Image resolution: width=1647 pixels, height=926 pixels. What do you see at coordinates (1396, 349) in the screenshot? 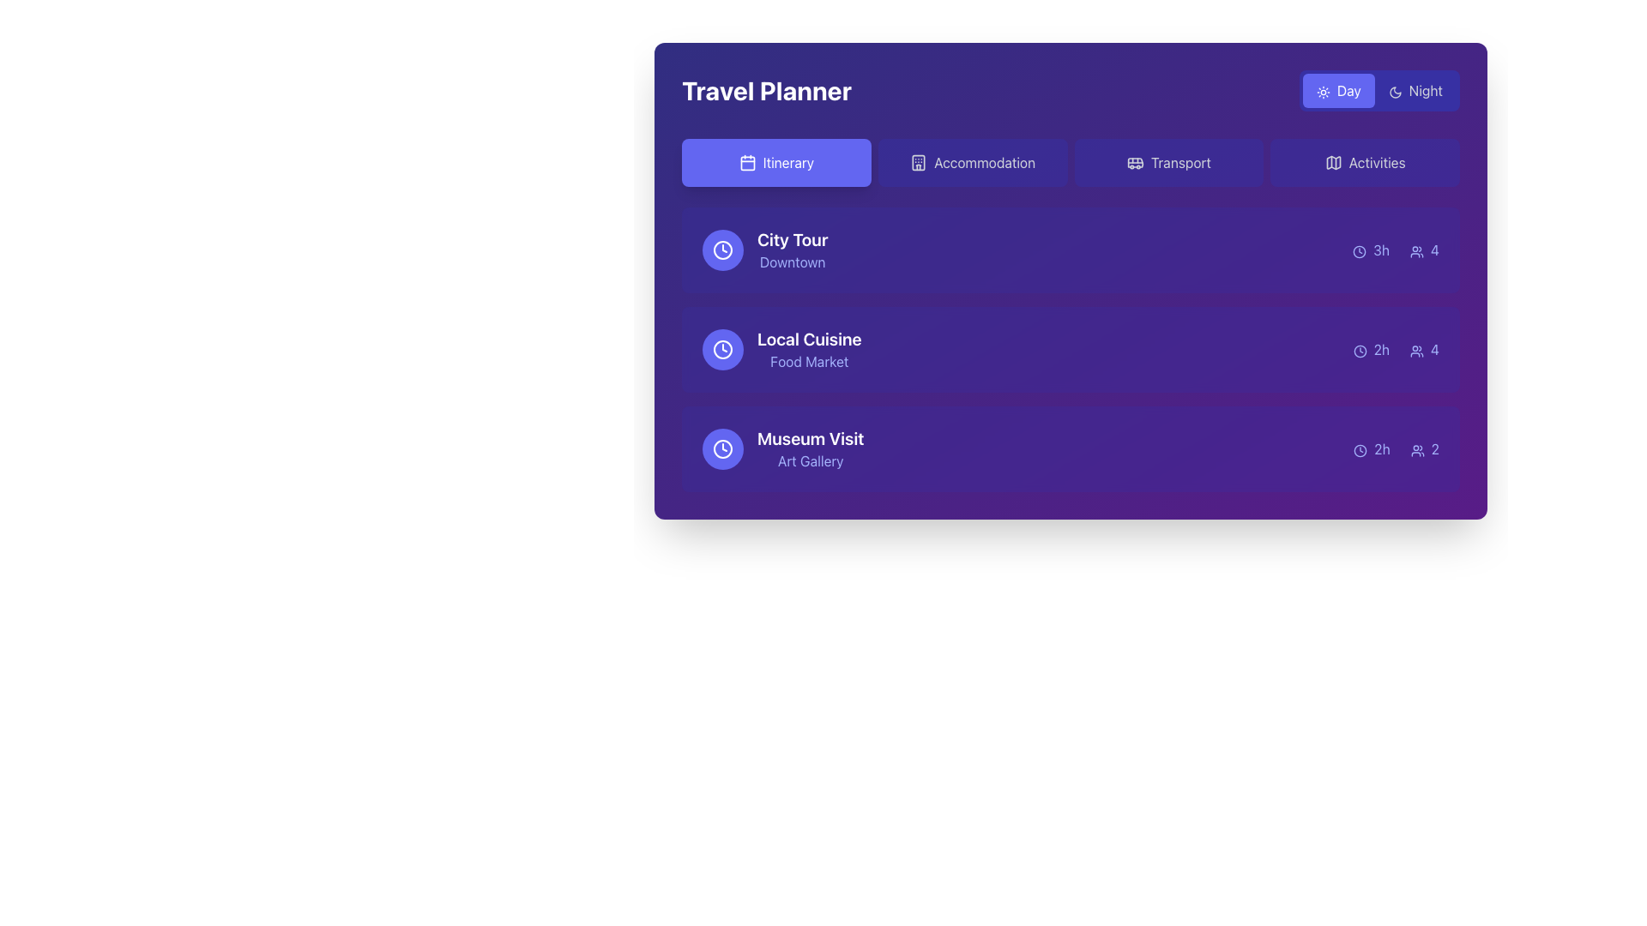
I see `information displayed in the Information display component showing '2h4' along with the clock and user group icons` at bounding box center [1396, 349].